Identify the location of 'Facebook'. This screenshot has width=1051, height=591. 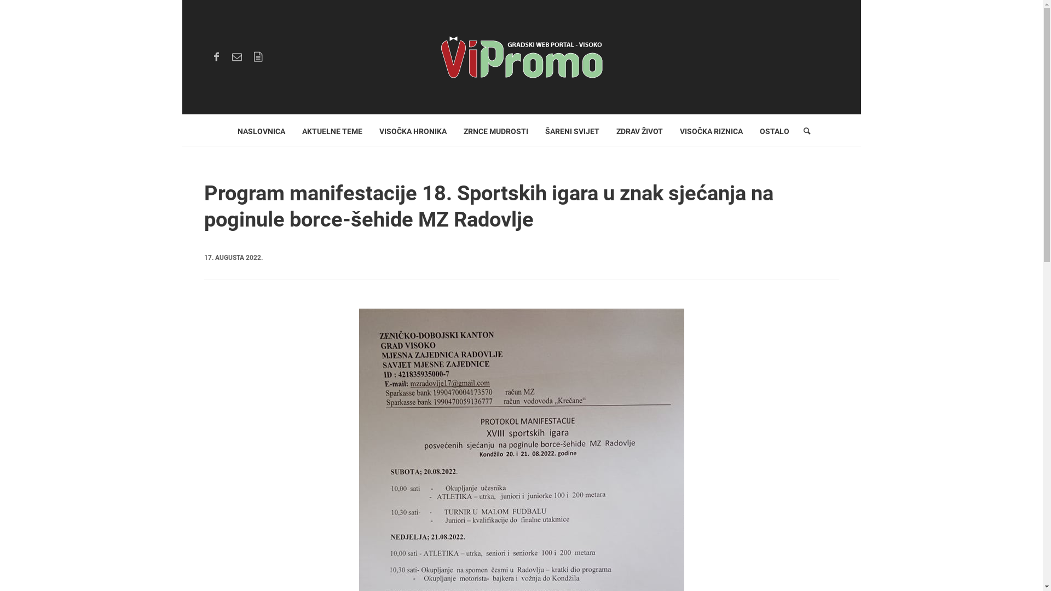
(216, 57).